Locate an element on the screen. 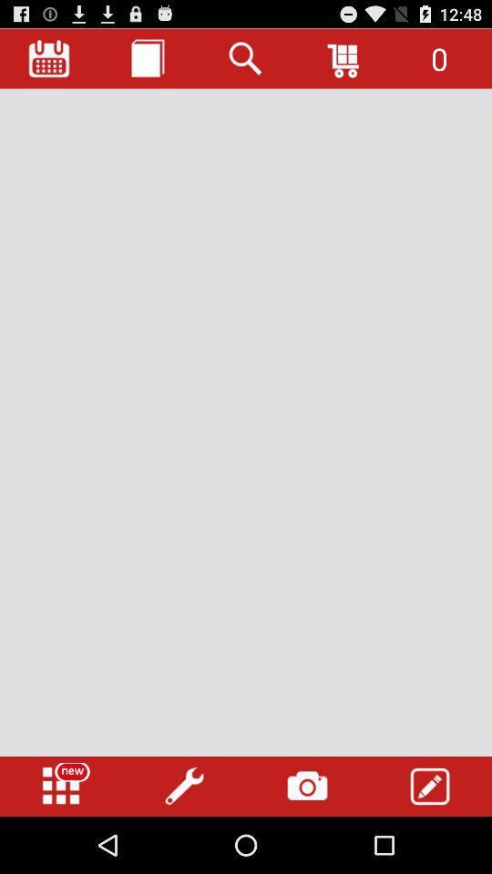 This screenshot has width=492, height=874. open menu is located at coordinates (61, 786).